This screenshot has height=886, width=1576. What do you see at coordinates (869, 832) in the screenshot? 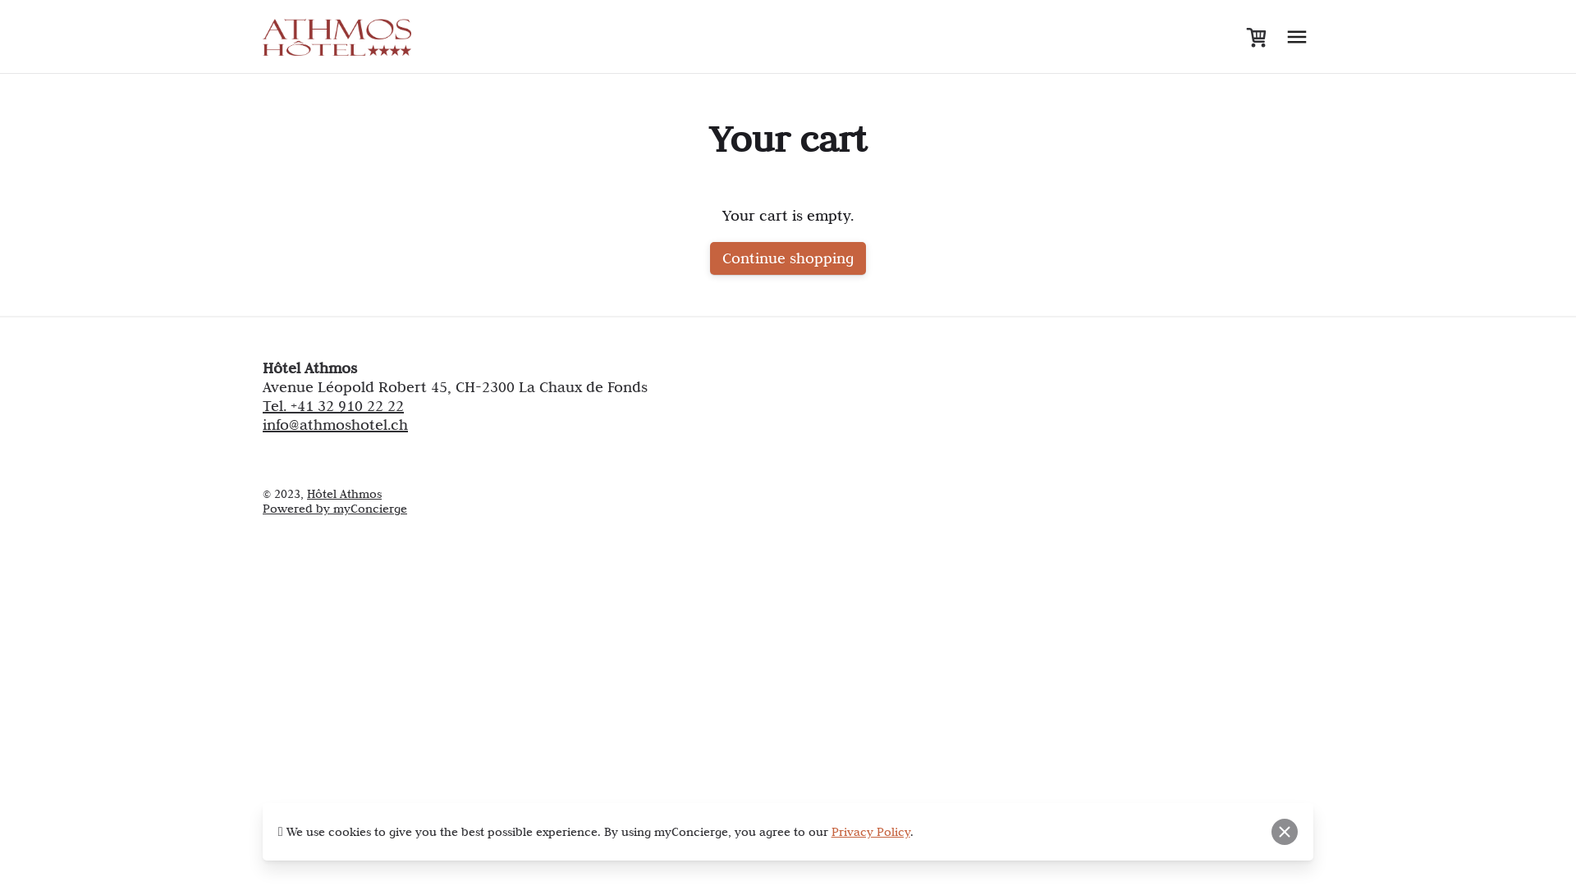
I see `'Privacy Policy'` at bounding box center [869, 832].